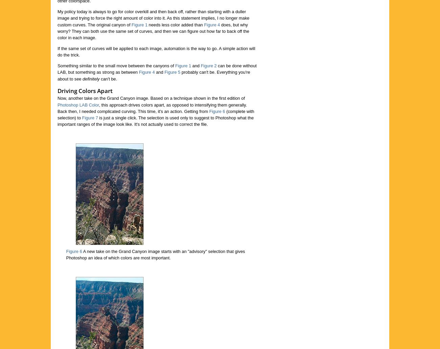  I want to click on 'can't be.', so click(108, 78).